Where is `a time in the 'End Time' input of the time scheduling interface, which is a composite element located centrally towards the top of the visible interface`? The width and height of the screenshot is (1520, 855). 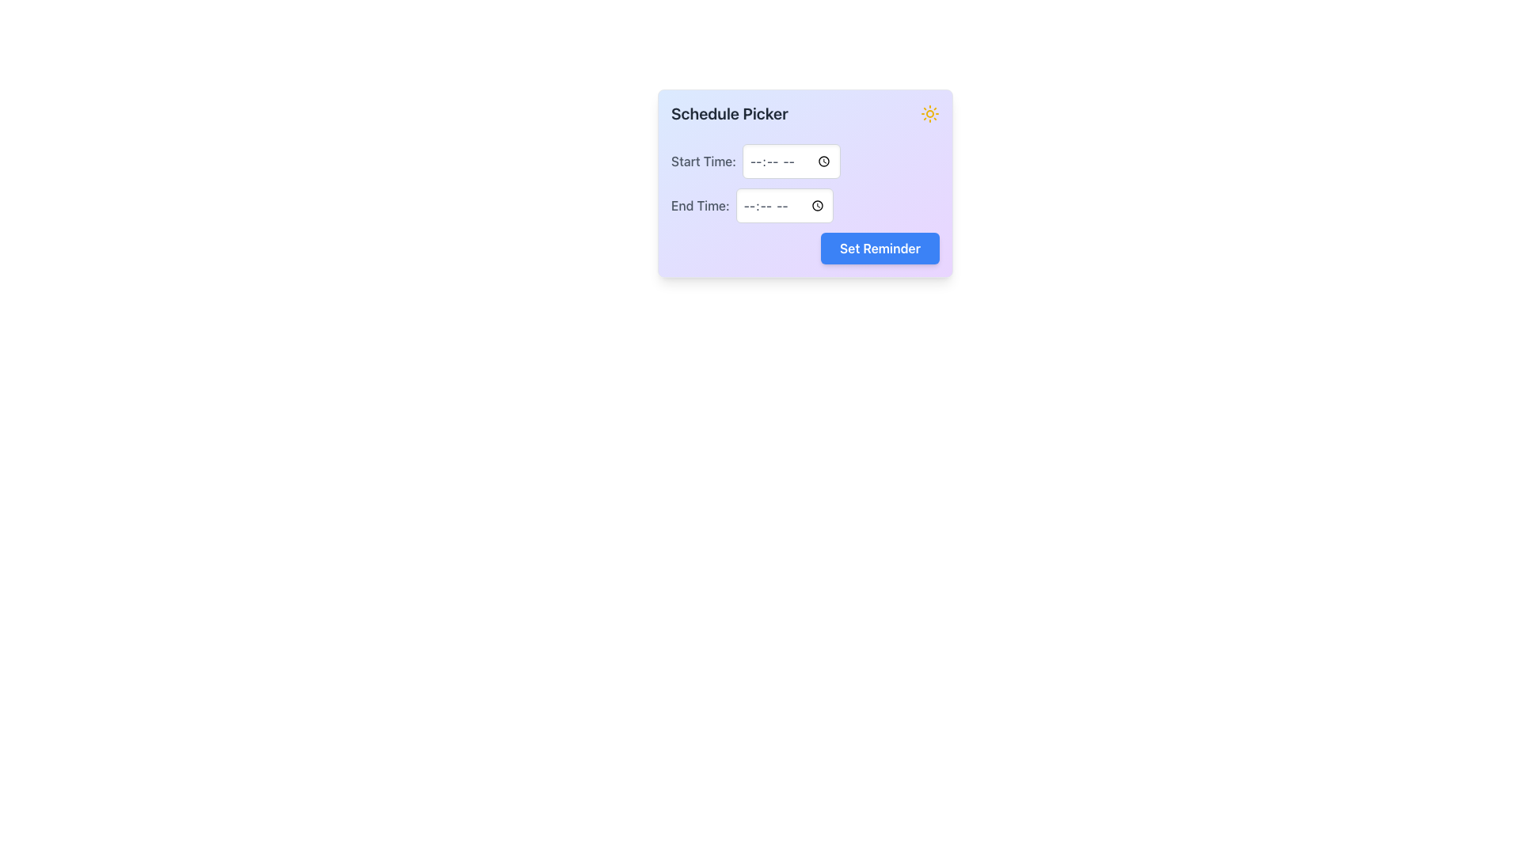 a time in the 'End Time' input of the time scheduling interface, which is a composite element located centrally towards the top of the visible interface is located at coordinates (805, 182).